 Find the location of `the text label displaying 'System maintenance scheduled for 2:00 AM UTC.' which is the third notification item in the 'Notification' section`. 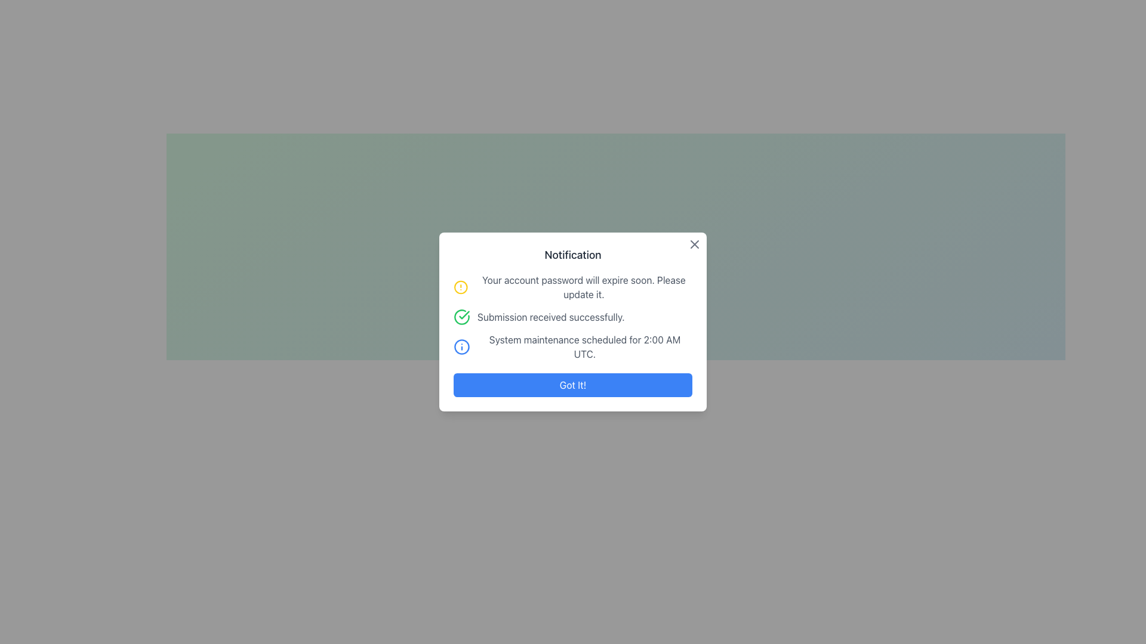

the text label displaying 'System maintenance scheduled for 2:00 AM UTC.' which is the third notification item in the 'Notification' section is located at coordinates (584, 347).